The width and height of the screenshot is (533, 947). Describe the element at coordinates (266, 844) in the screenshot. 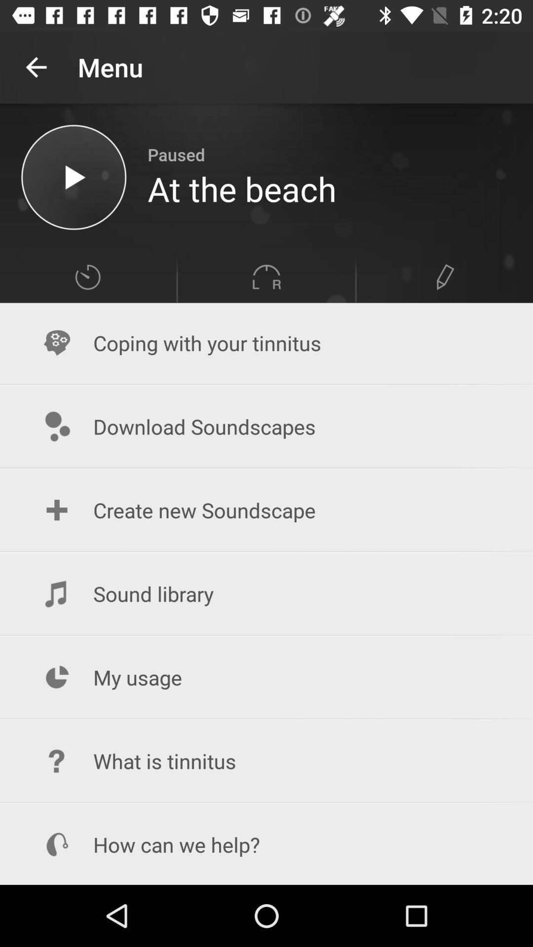

I see `the how can we item` at that location.